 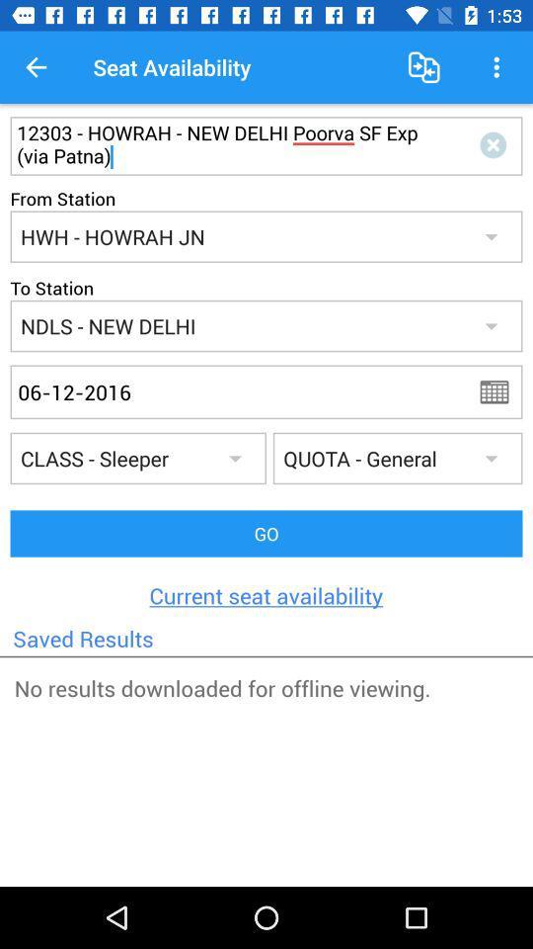 What do you see at coordinates (500, 390) in the screenshot?
I see `the item next to the 06-12-2016 item` at bounding box center [500, 390].